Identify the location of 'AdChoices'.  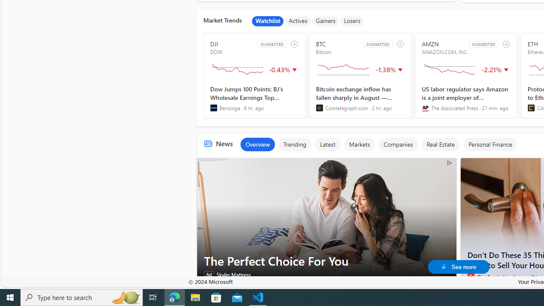
(449, 163).